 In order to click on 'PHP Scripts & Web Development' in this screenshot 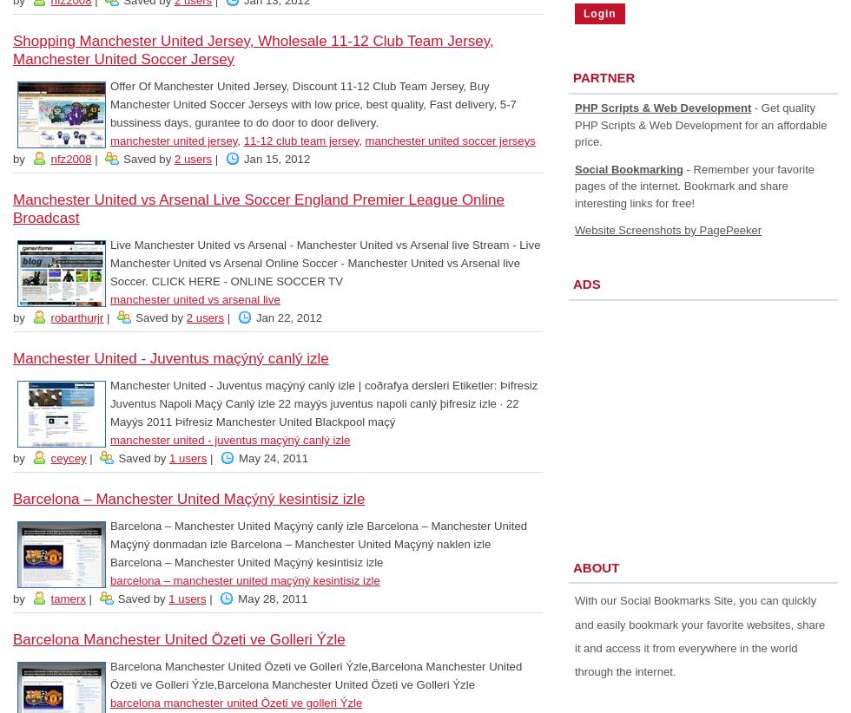, I will do `click(663, 108)`.